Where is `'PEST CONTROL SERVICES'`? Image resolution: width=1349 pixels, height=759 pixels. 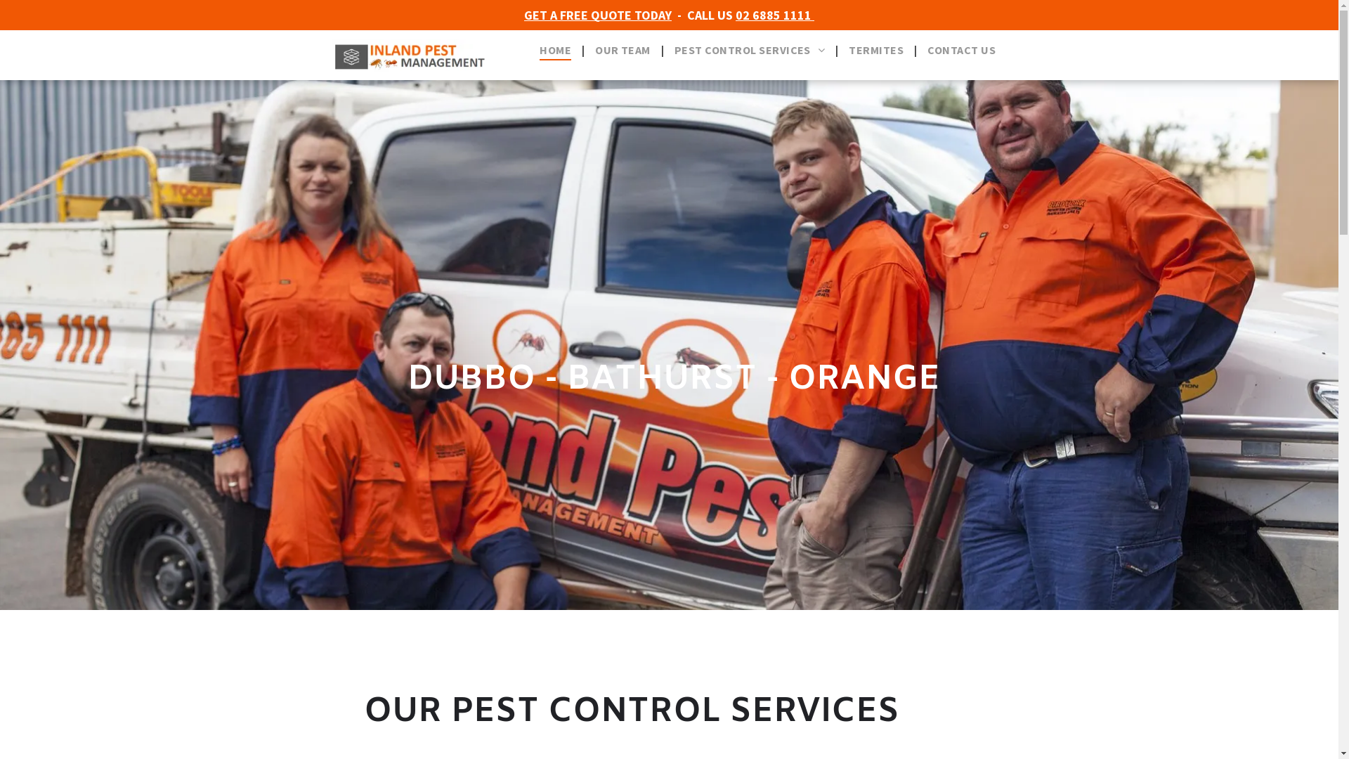 'PEST CONTROL SERVICES' is located at coordinates (749, 48).